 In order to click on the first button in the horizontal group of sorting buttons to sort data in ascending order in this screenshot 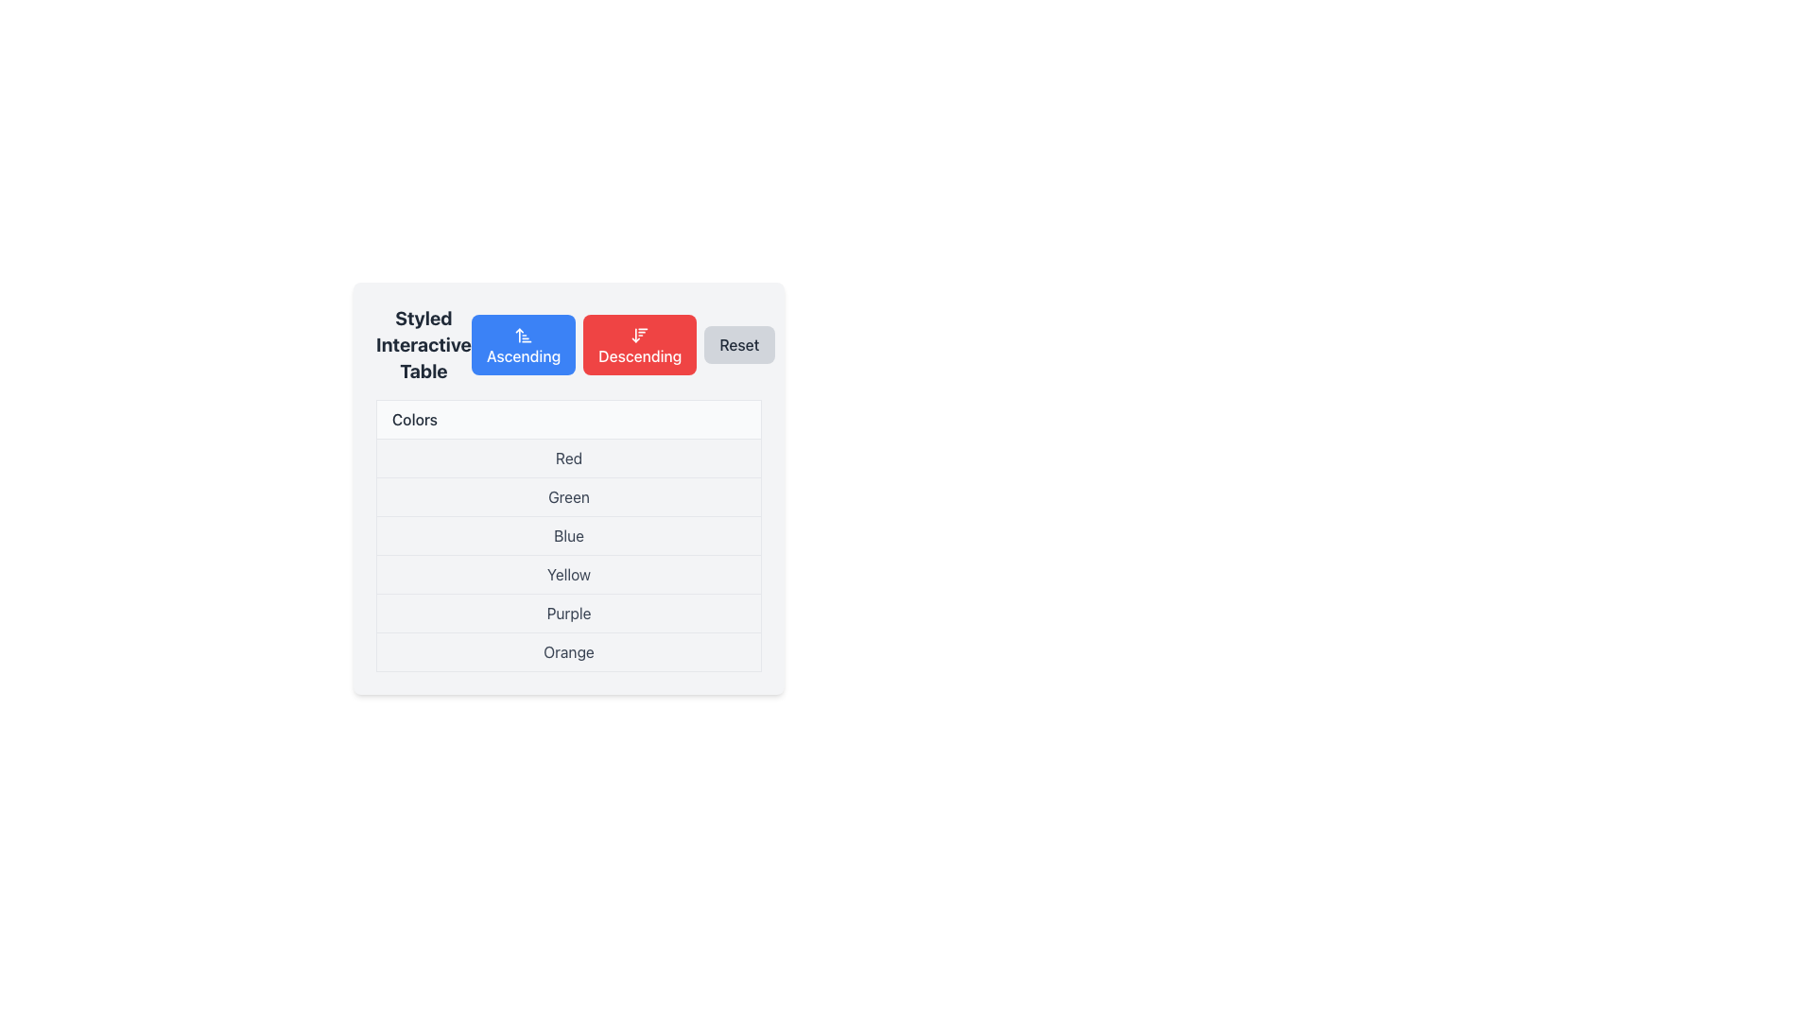, I will do `click(523, 345)`.